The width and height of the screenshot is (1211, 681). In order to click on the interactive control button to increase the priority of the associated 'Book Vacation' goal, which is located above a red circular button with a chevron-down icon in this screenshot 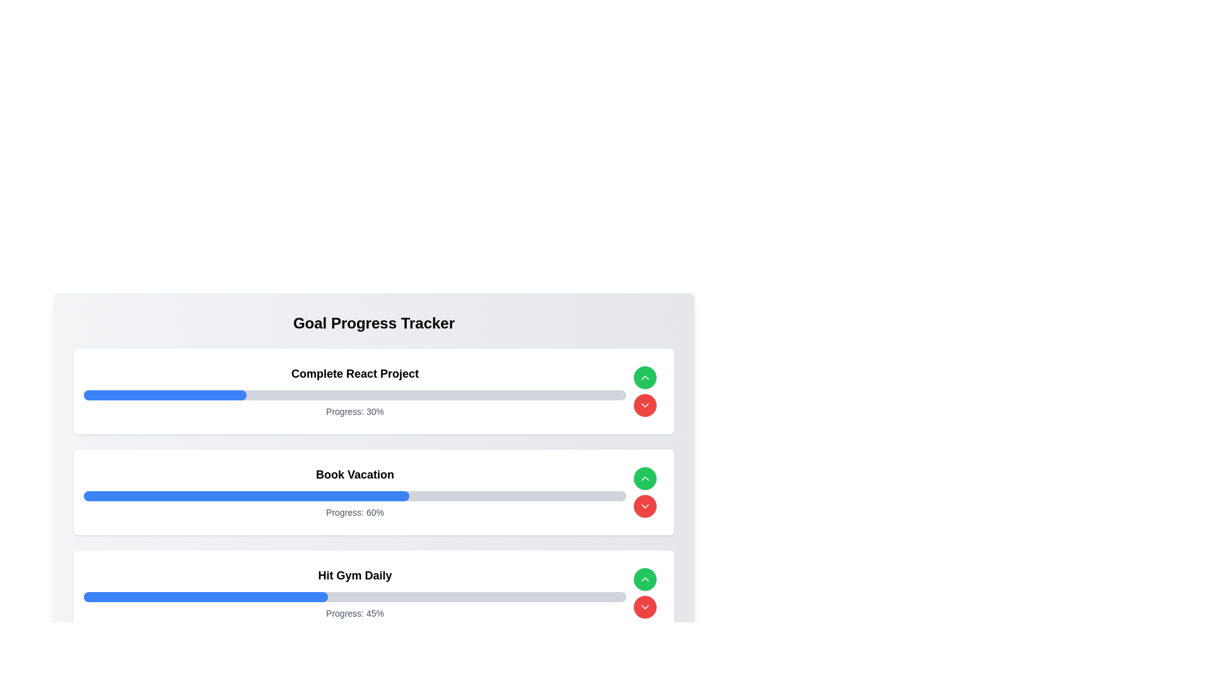, I will do `click(645, 479)`.